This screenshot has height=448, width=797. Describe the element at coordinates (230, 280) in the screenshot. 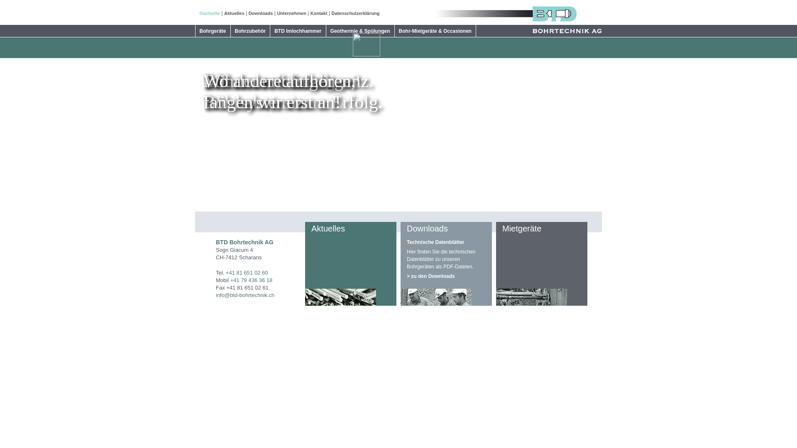

I see `'+41 79 436 36 18'` at that location.